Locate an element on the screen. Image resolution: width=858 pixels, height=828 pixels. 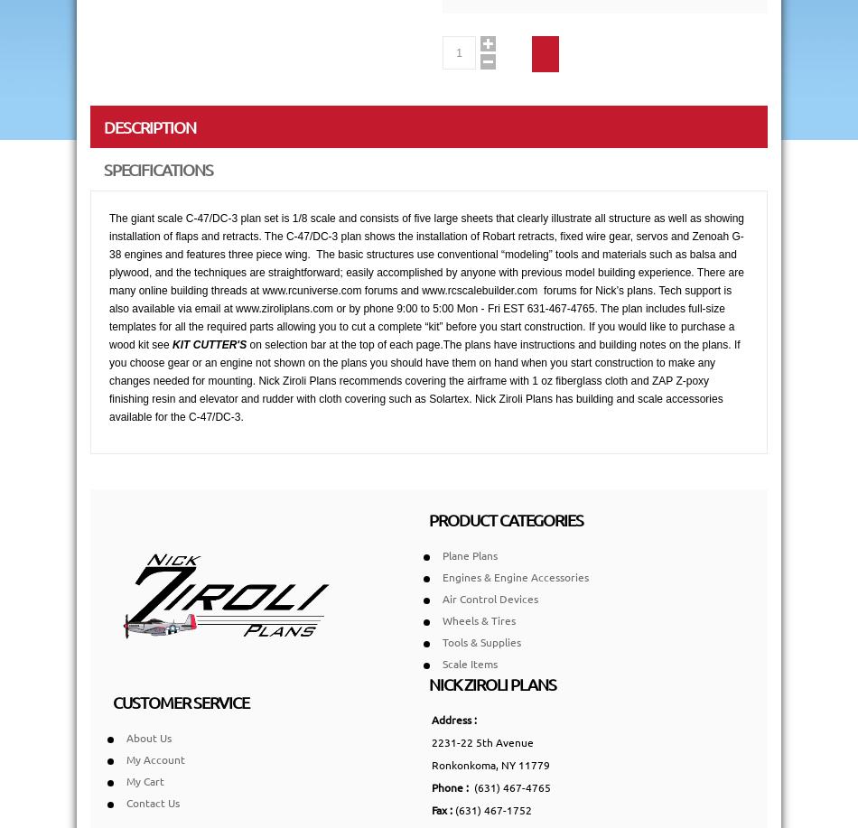
'Wheels & Tires' is located at coordinates (479, 620).